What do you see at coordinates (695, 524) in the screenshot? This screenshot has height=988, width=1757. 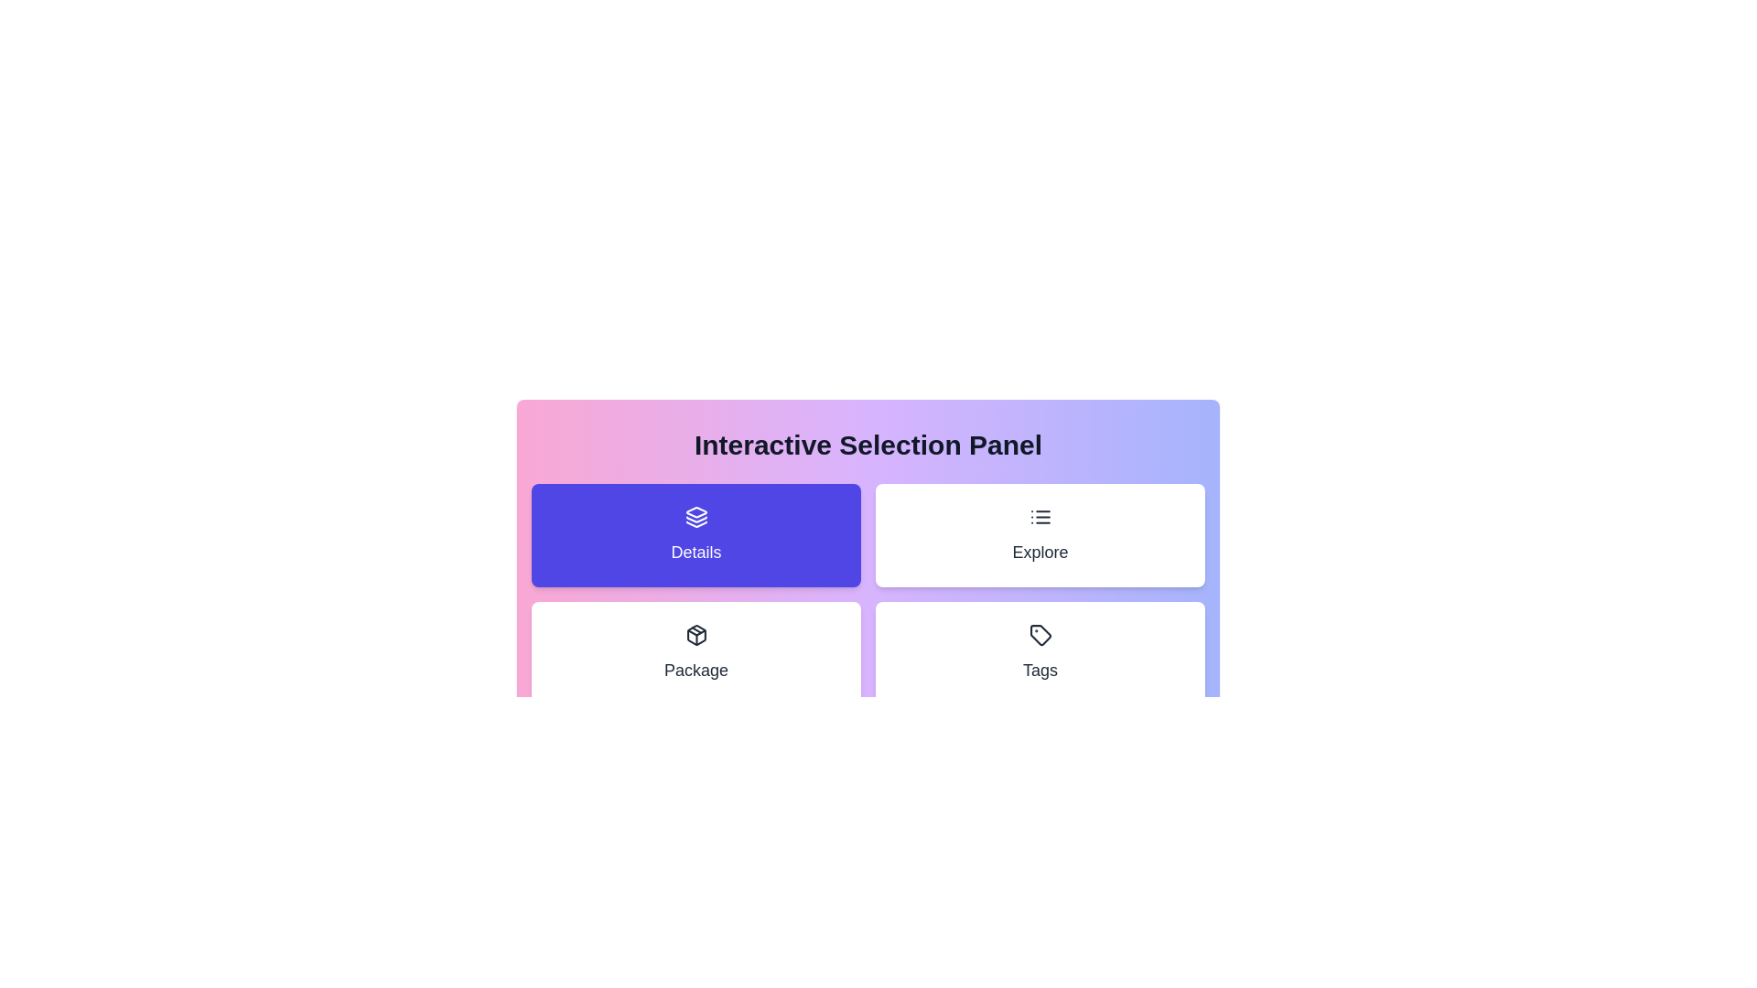 I see `the third and bottom-most layer graphic within the 'Details' button, which resembles a group of layers or sheets` at bounding box center [695, 524].